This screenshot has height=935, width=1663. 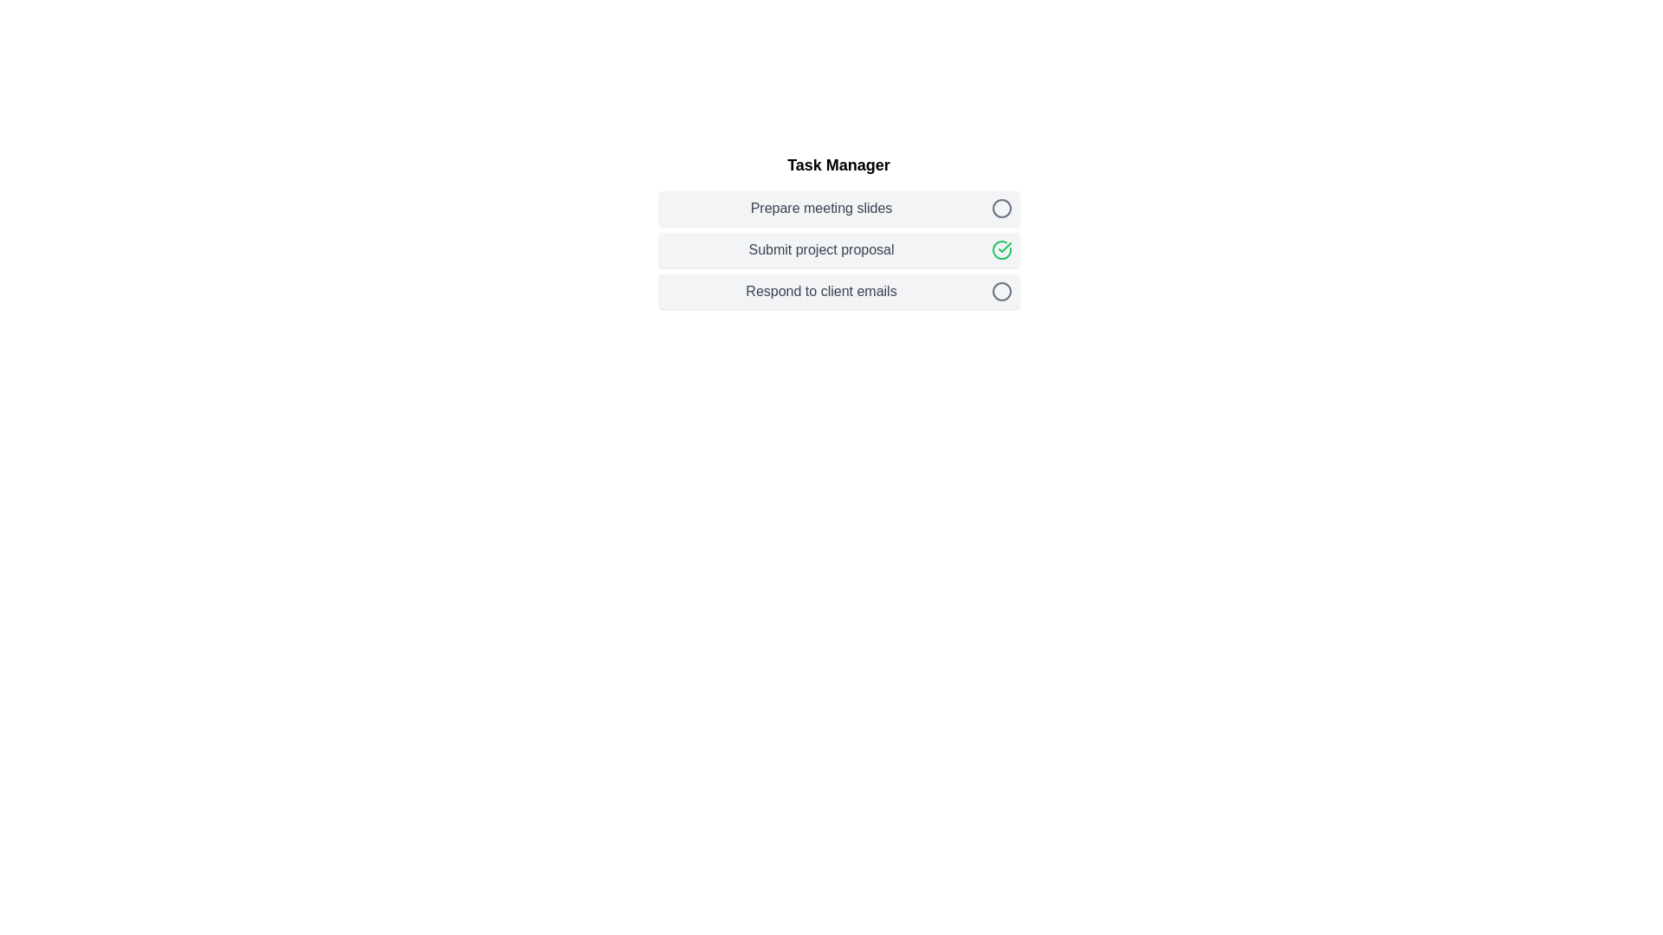 I want to click on the Text label displaying the task description 'Prepare meeting slides', which is the first entry in the list under 'Task Manager', so click(x=820, y=207).